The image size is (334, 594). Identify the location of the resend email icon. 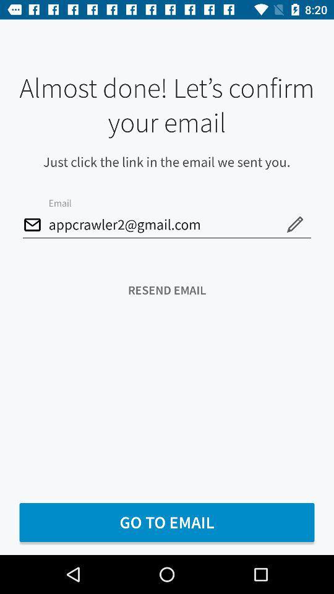
(167, 290).